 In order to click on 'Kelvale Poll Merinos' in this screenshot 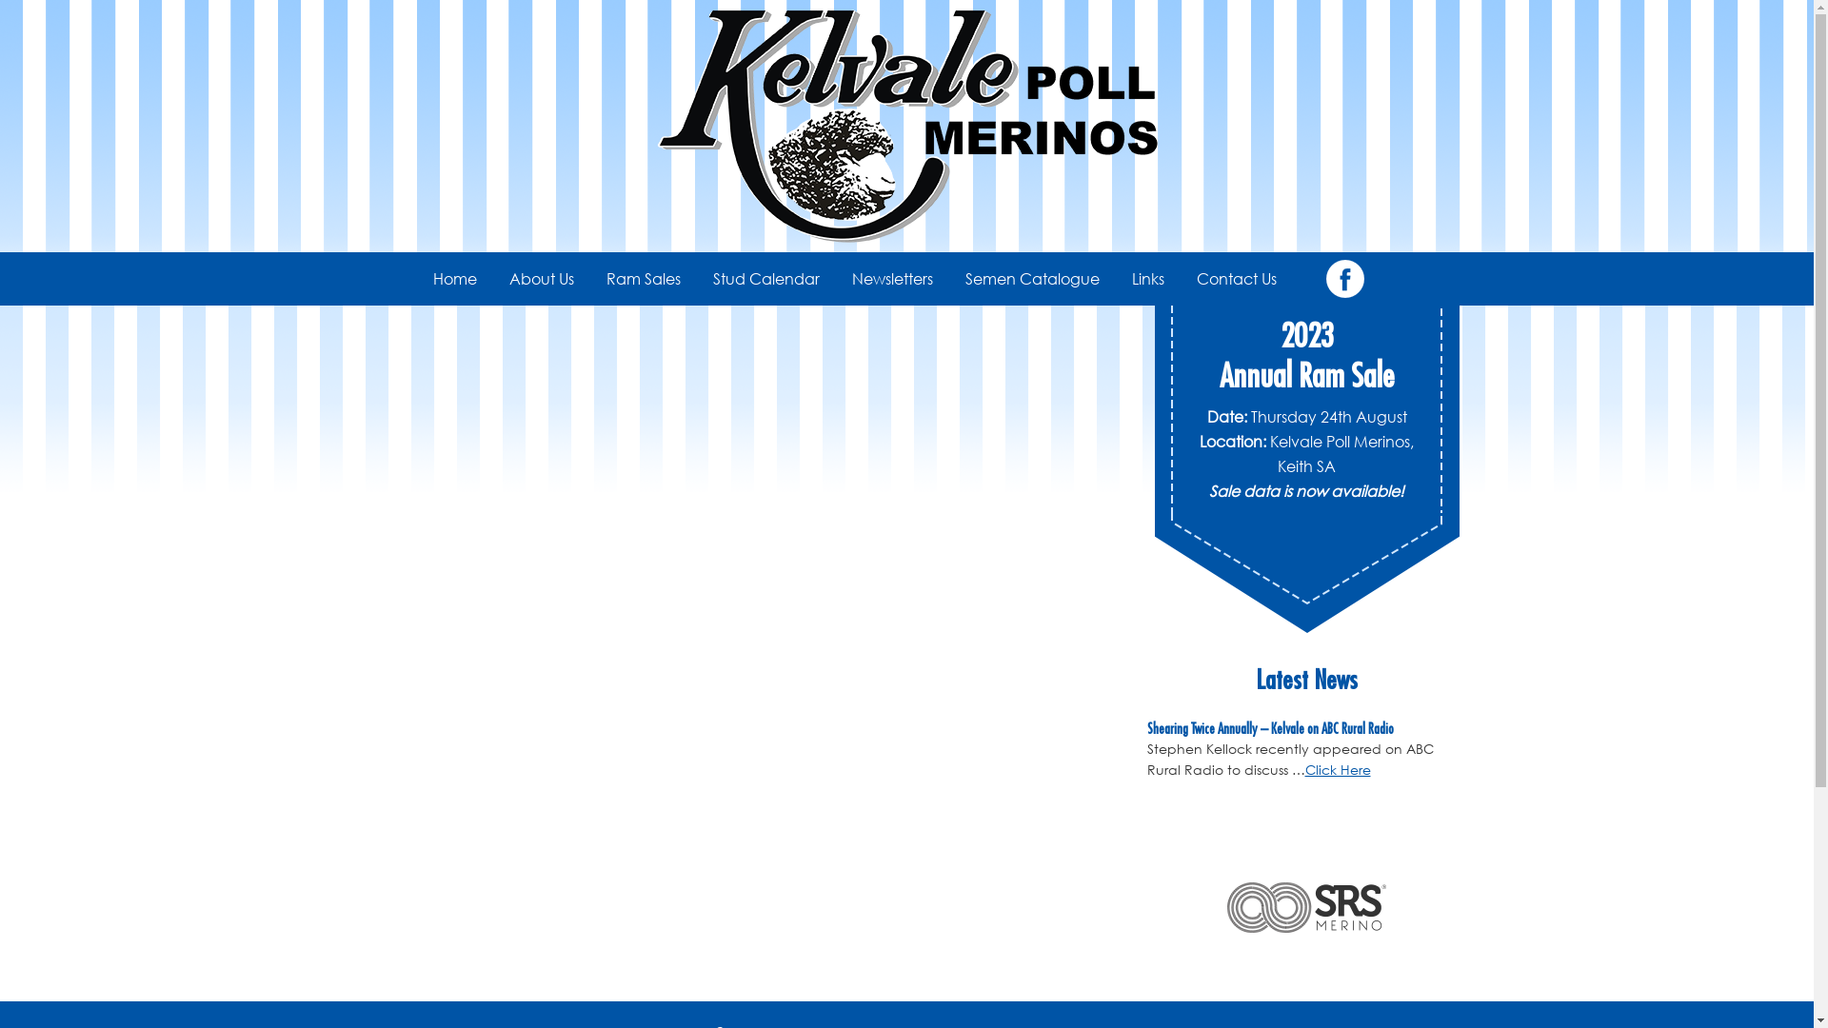, I will do `click(904, 126)`.